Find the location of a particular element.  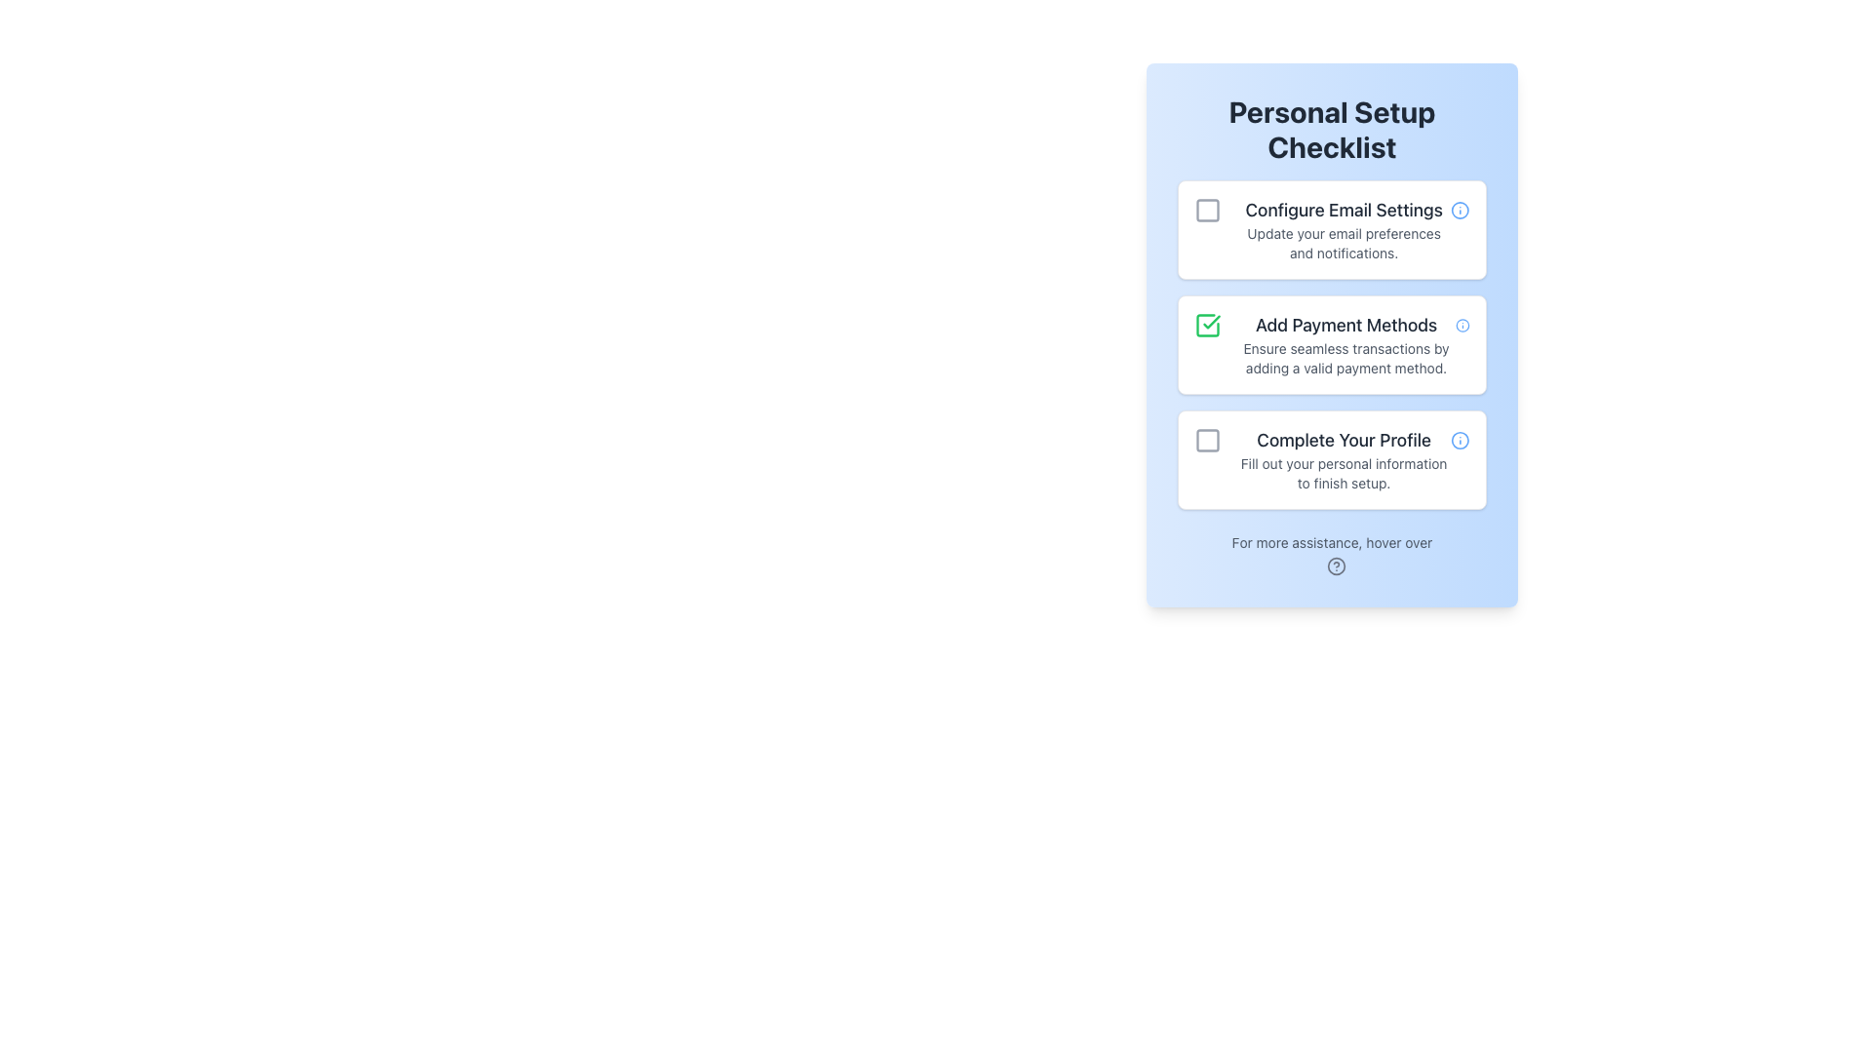

guidance text from the Text content banner in the checklist, which is the third item below 'Add Payment Methods' is located at coordinates (1343, 459).